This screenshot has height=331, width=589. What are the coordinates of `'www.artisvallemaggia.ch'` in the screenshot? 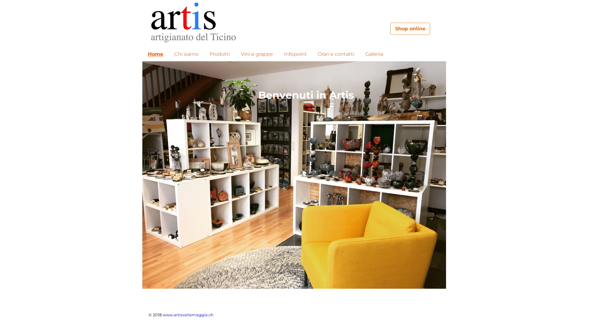 It's located at (162, 314).